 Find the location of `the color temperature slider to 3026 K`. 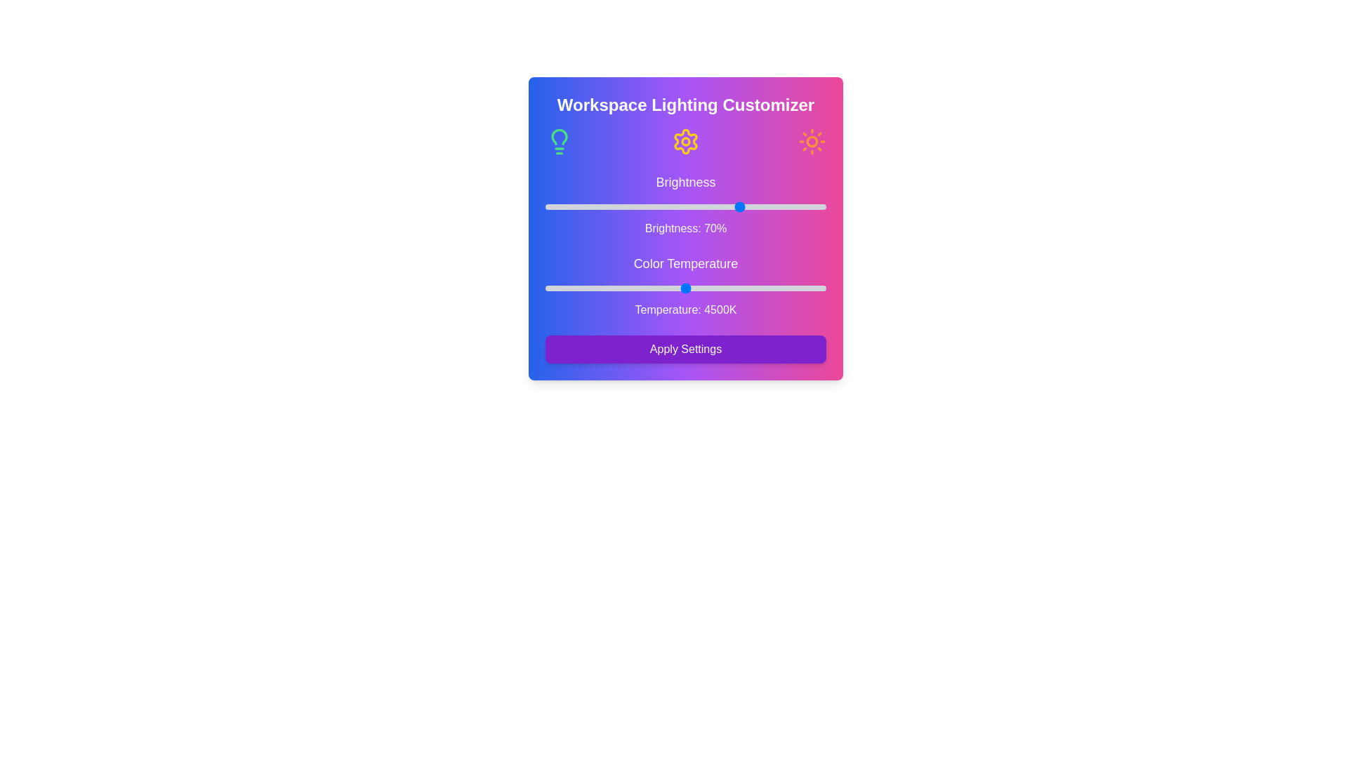

the color temperature slider to 3026 K is located at coordinates (582, 288).